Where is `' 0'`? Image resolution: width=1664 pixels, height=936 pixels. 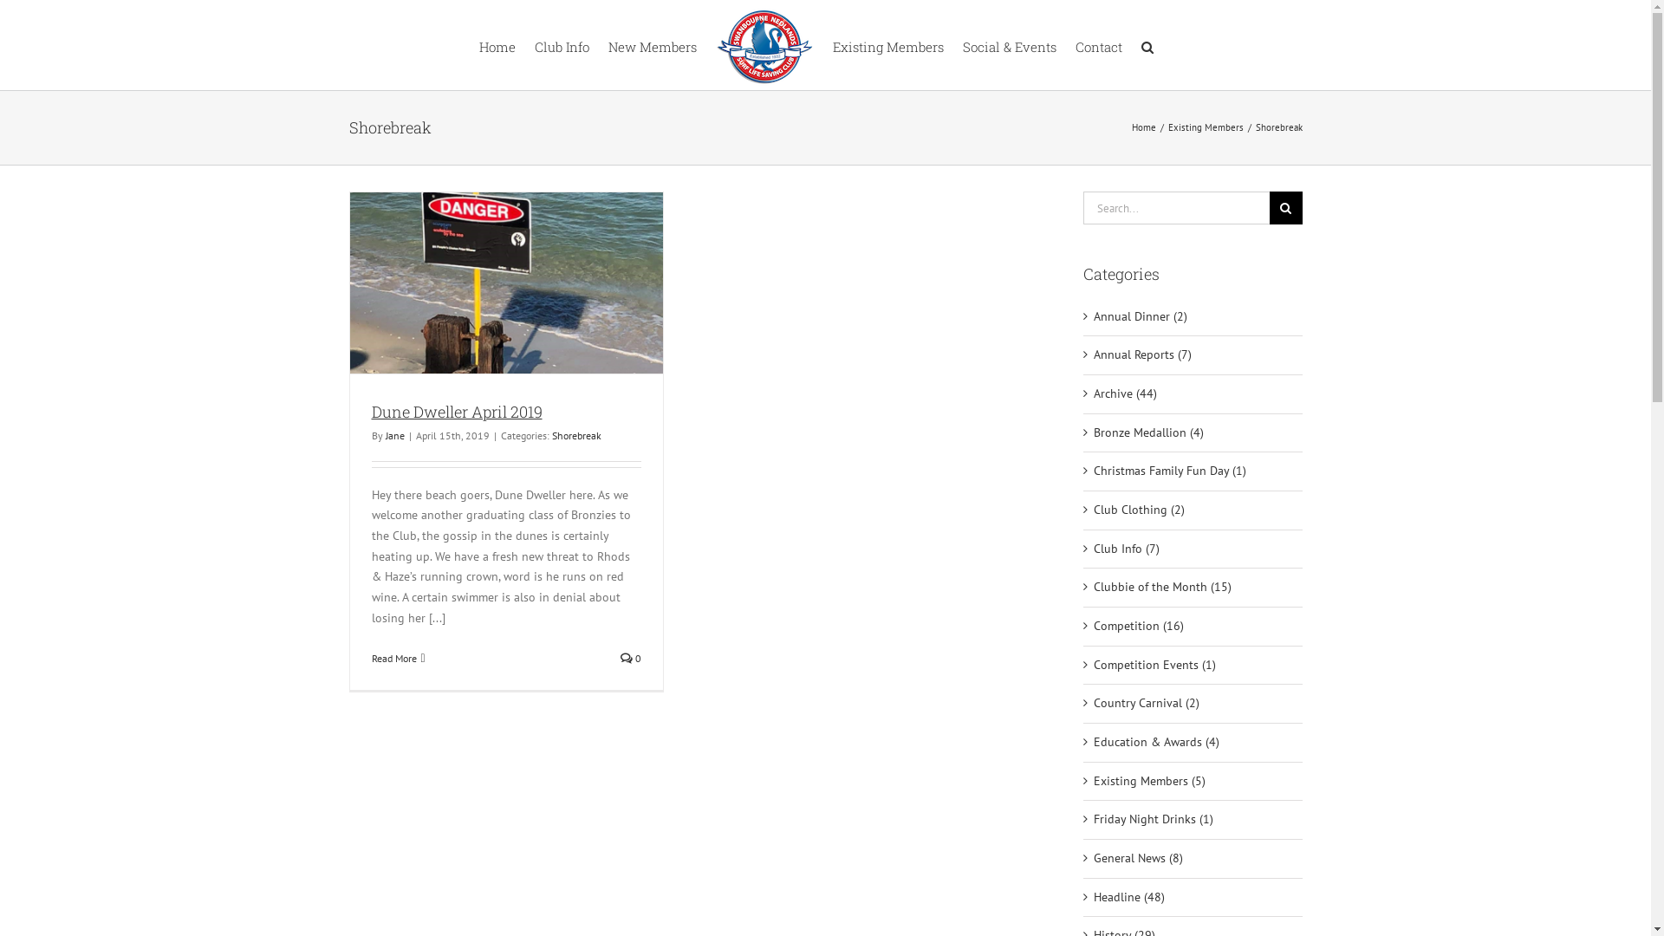 ' 0' is located at coordinates (630, 658).